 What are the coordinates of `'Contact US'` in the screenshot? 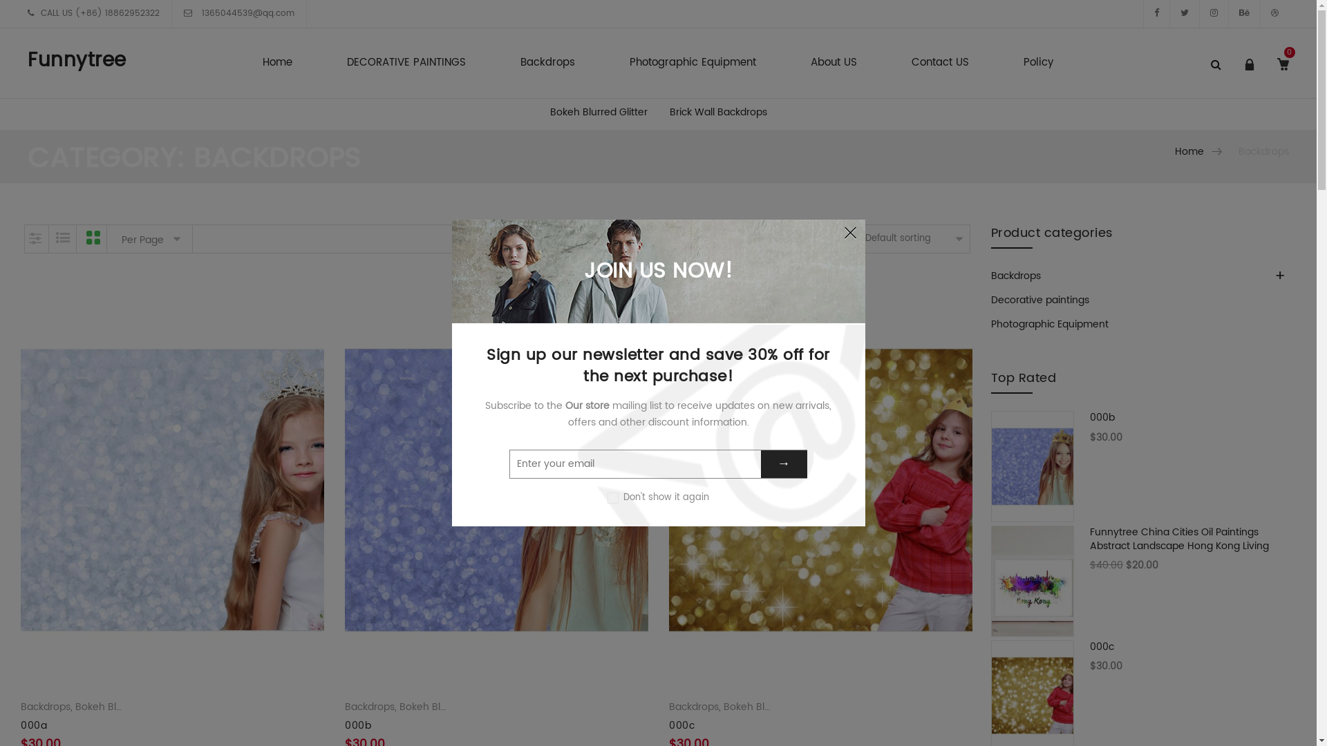 It's located at (940, 64).